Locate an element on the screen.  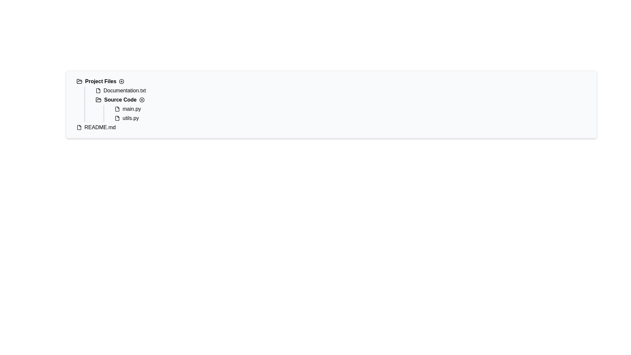
the SVG Icon located at the start of the row containing 'Project Files', which serves as a visual indicator for accessing project-related files is located at coordinates (79, 81).